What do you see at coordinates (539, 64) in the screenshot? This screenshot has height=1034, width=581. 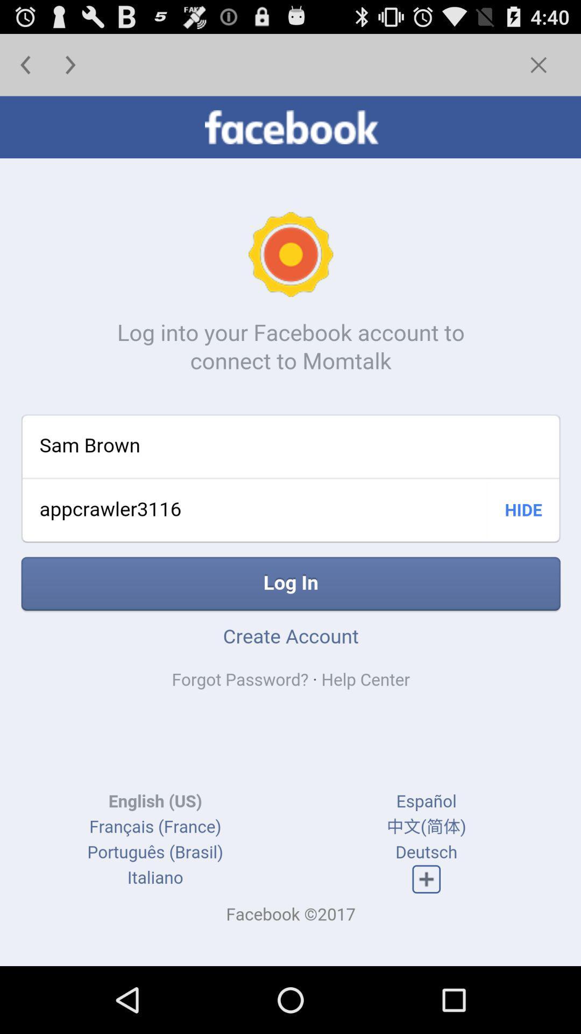 I see `press this to close` at bounding box center [539, 64].